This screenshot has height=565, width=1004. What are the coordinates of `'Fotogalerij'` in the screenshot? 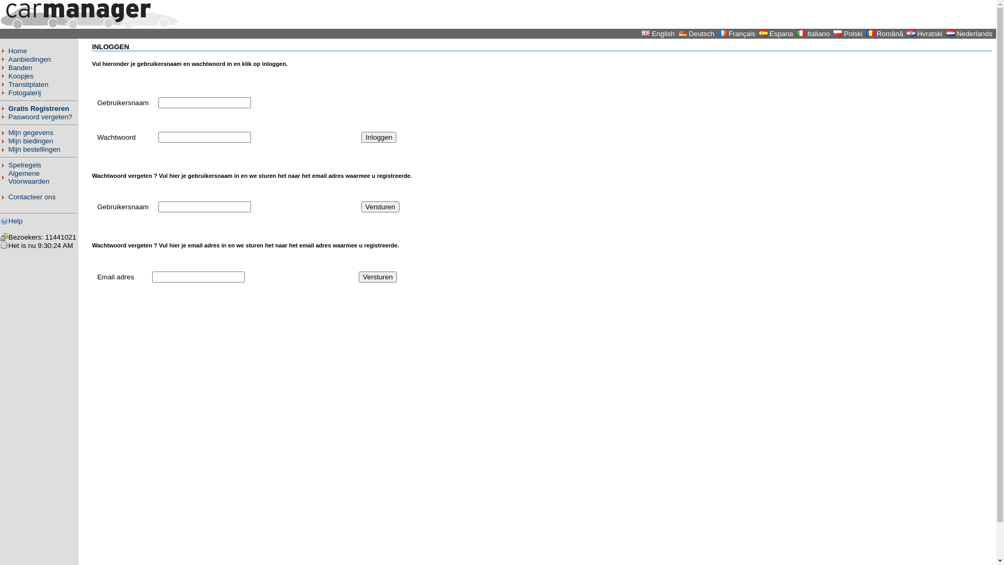 It's located at (25, 92).